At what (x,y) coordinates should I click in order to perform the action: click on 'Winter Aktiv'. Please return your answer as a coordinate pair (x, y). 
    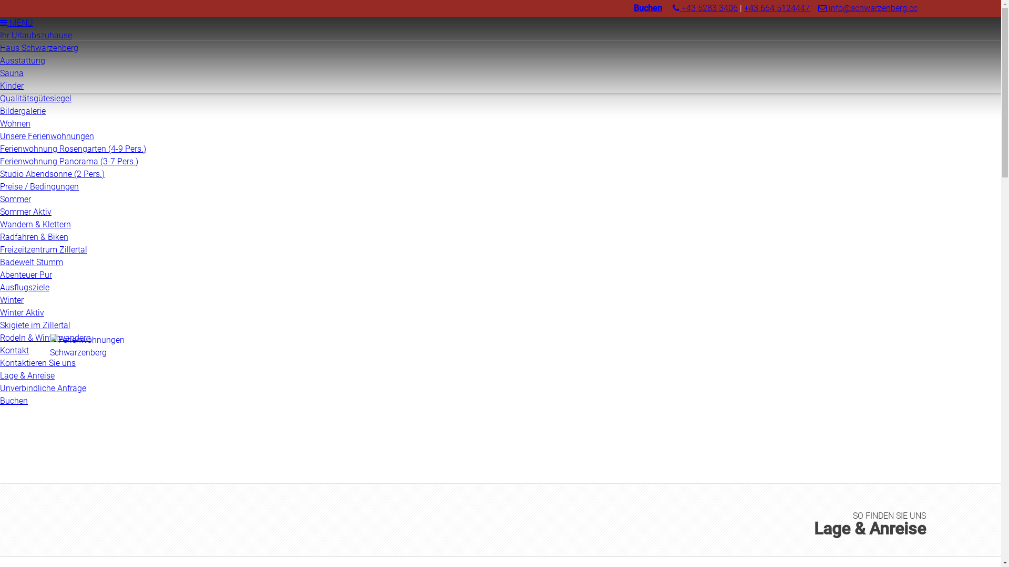
    Looking at the image, I should click on (22, 312).